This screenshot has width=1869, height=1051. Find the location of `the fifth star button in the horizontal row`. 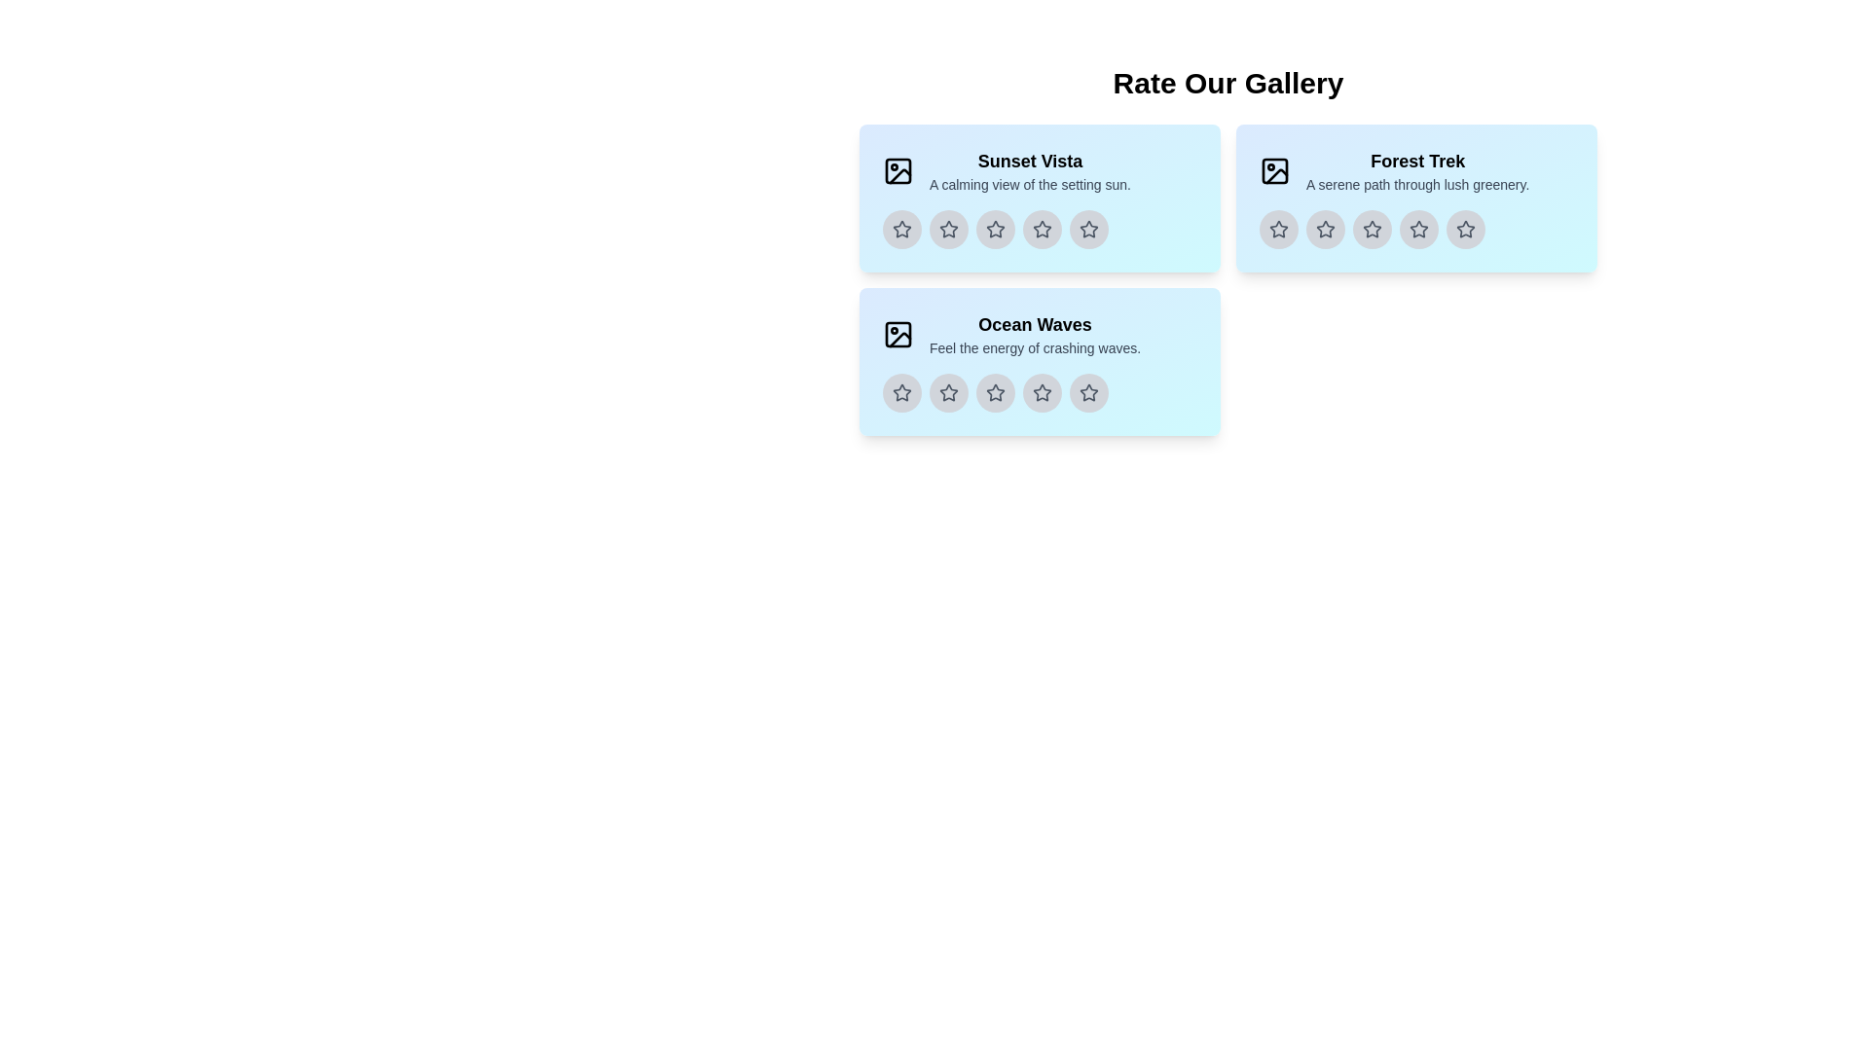

the fifth star button in the horizontal row is located at coordinates (1466, 228).